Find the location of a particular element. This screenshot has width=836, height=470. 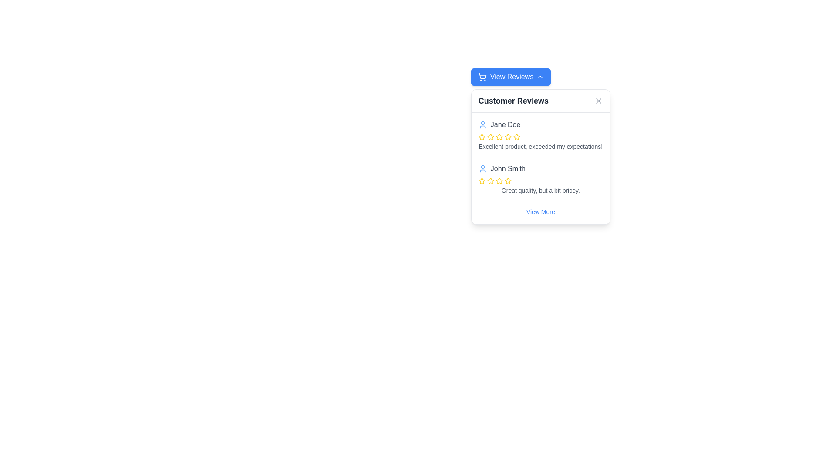

the second star rating icon below 'John Smith' in the 'Customer Reviews' section is located at coordinates (508, 180).